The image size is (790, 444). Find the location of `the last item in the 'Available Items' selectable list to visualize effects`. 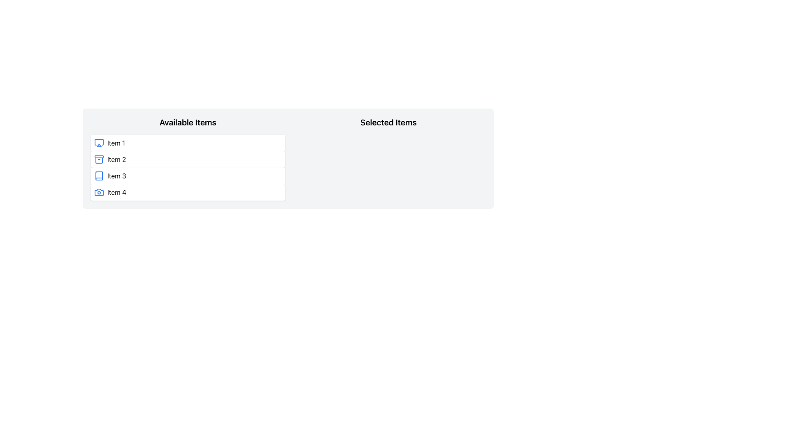

the last item in the 'Available Items' selectable list to visualize effects is located at coordinates (187, 192).